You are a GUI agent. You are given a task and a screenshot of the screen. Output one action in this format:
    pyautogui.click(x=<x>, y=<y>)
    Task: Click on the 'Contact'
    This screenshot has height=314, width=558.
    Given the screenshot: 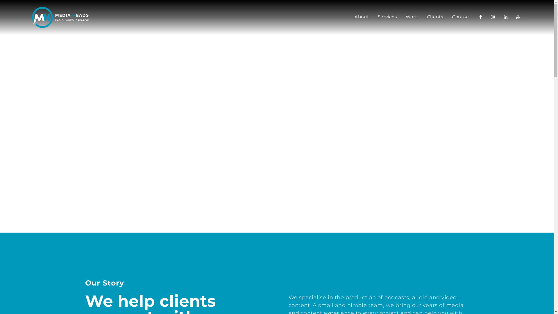 What is the action you would take?
    pyautogui.click(x=461, y=17)
    